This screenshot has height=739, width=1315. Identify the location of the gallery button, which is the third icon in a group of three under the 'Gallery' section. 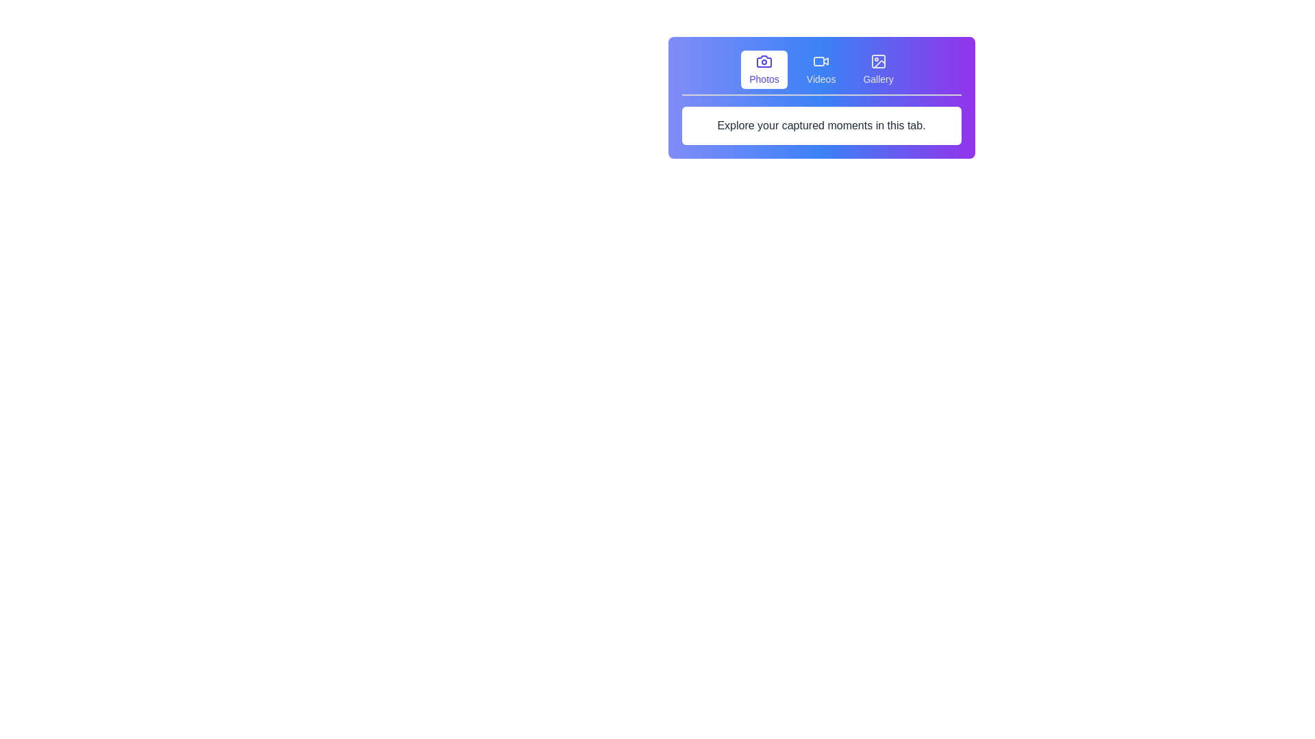
(878, 60).